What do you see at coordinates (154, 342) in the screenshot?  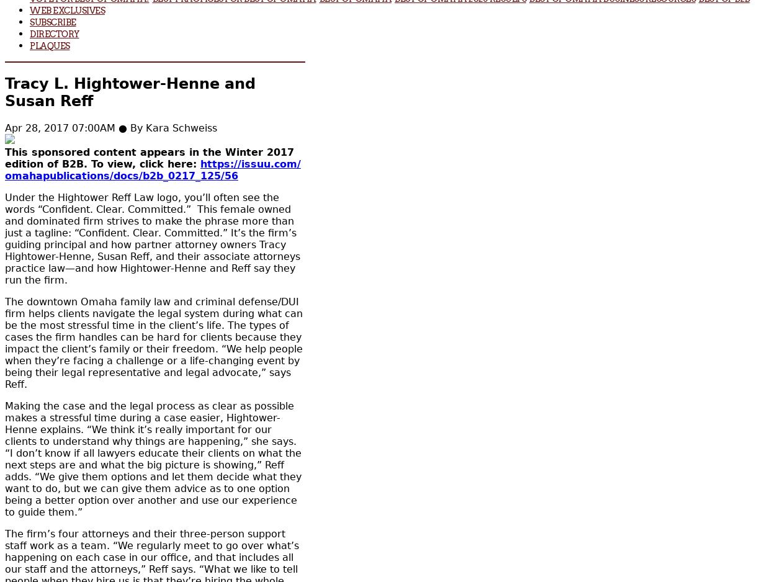 I see `'The downtown Omaha family law and criminal defense/DUI firm helps clients navigate the legal system during what can be the most stressful time in the client’s life. The types of cases the firm handles can be hard for clients because they impact the client’s family or their freedom. “We help people when they’re facing a challenge or a life-changing event by being their legal representative and legal advocate,” says Reff.'` at bounding box center [154, 342].